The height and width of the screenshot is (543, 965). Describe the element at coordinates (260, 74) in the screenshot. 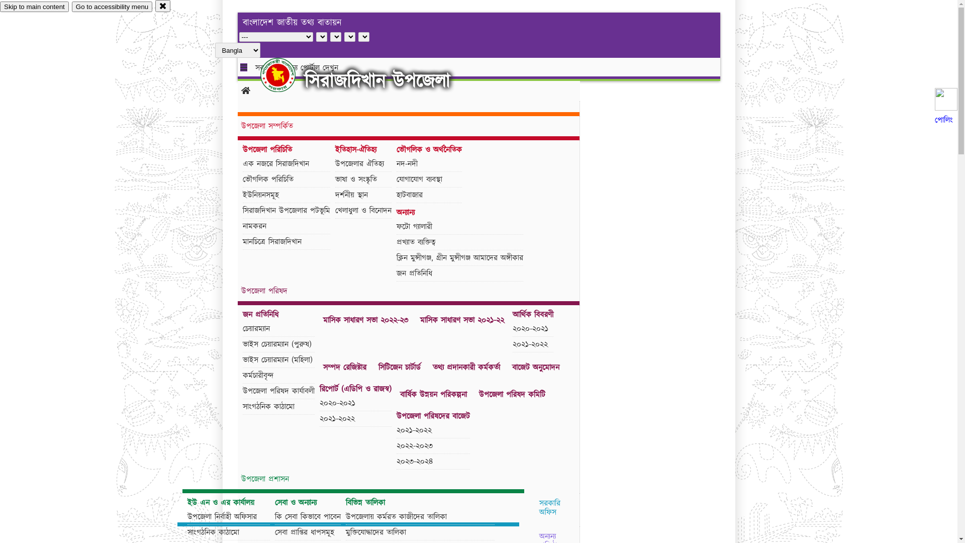

I see `'` at that location.